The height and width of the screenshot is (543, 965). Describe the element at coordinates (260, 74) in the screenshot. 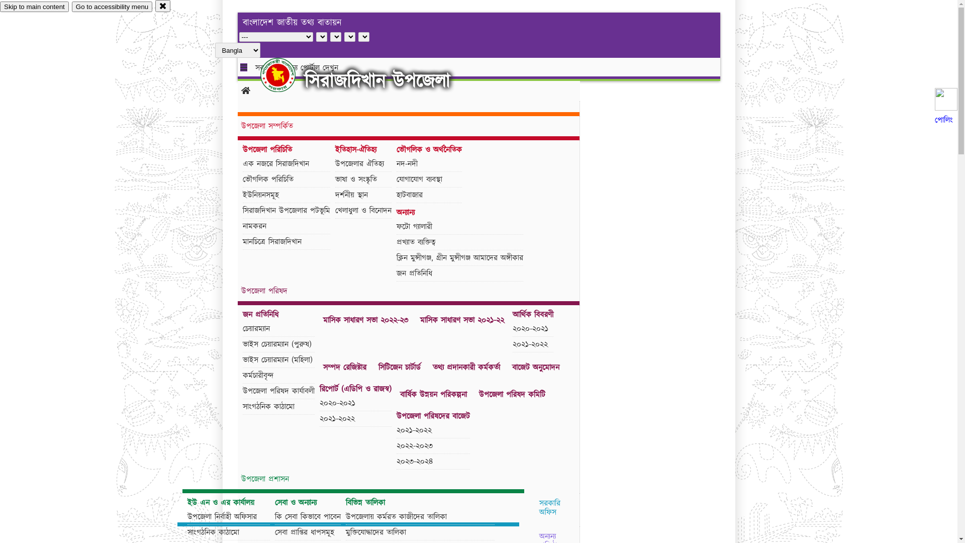

I see `'` at that location.